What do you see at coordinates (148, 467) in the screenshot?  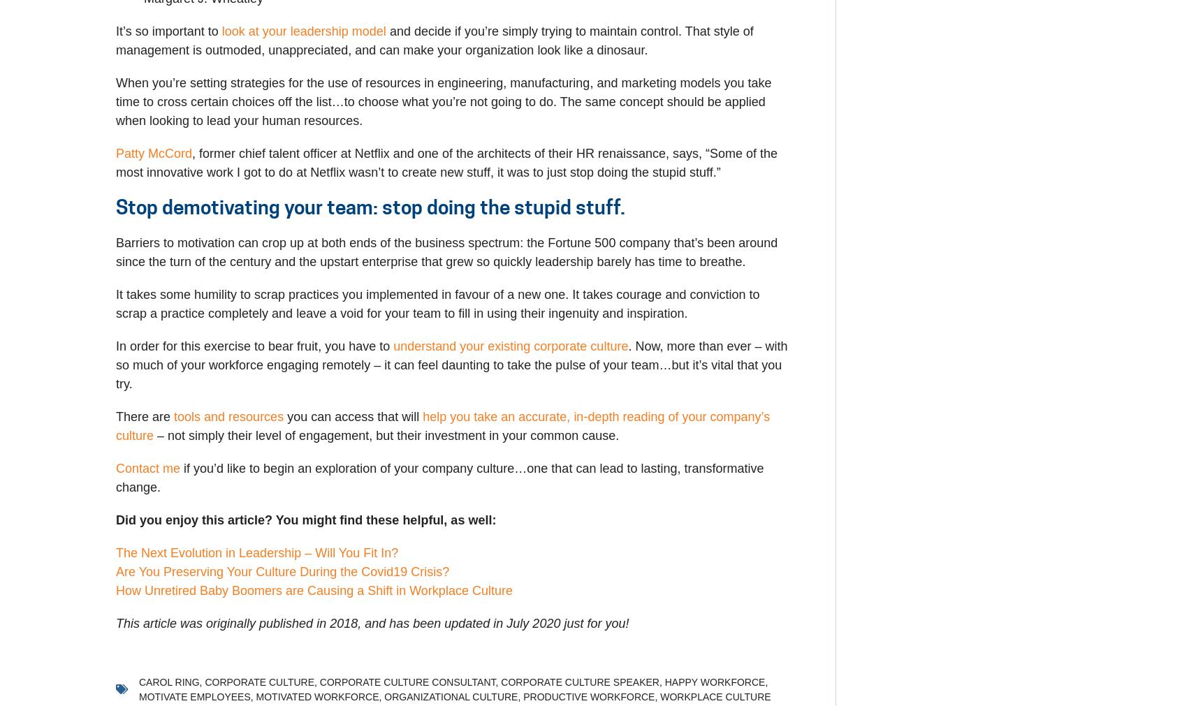 I see `'Contact me'` at bounding box center [148, 467].